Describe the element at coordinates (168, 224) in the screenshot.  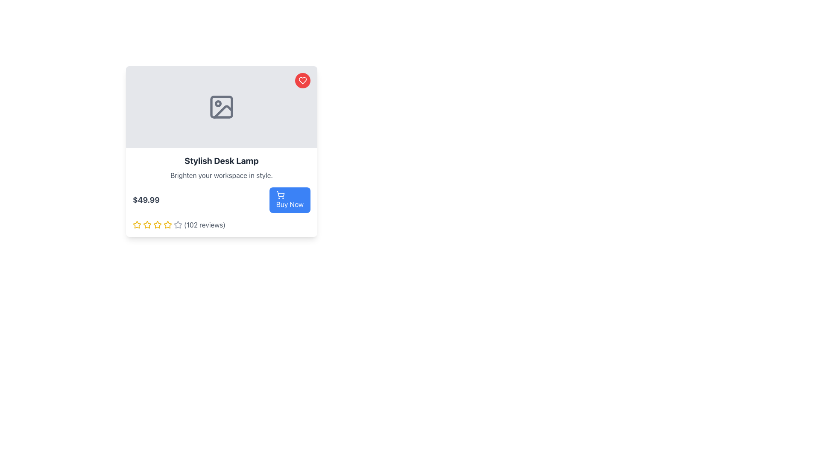
I see `the third star rating icon` at that location.